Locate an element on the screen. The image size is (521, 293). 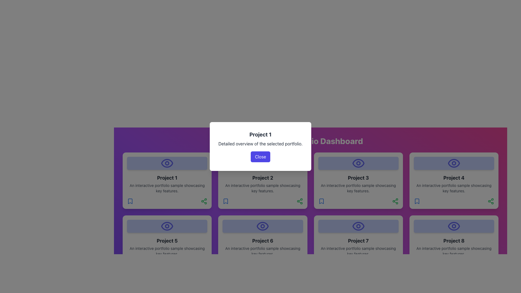
the text label providing additional information related to 'Project 4', located within the fourth card in the top row is located at coordinates (454, 188).